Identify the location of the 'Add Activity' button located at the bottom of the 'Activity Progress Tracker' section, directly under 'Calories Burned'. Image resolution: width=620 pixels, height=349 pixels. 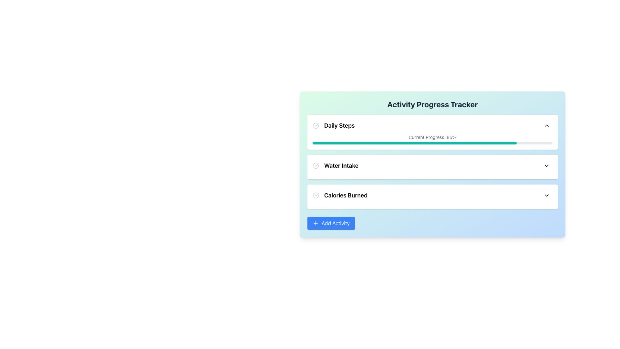
(331, 223).